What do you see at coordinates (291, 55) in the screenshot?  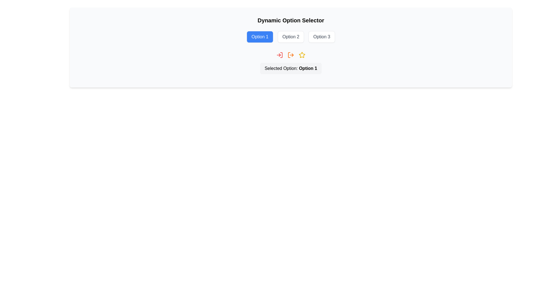 I see `the log-out icon, which is the third item in a horizontal group of icons located below Option 1, Option 2, and Option 3` at bounding box center [291, 55].